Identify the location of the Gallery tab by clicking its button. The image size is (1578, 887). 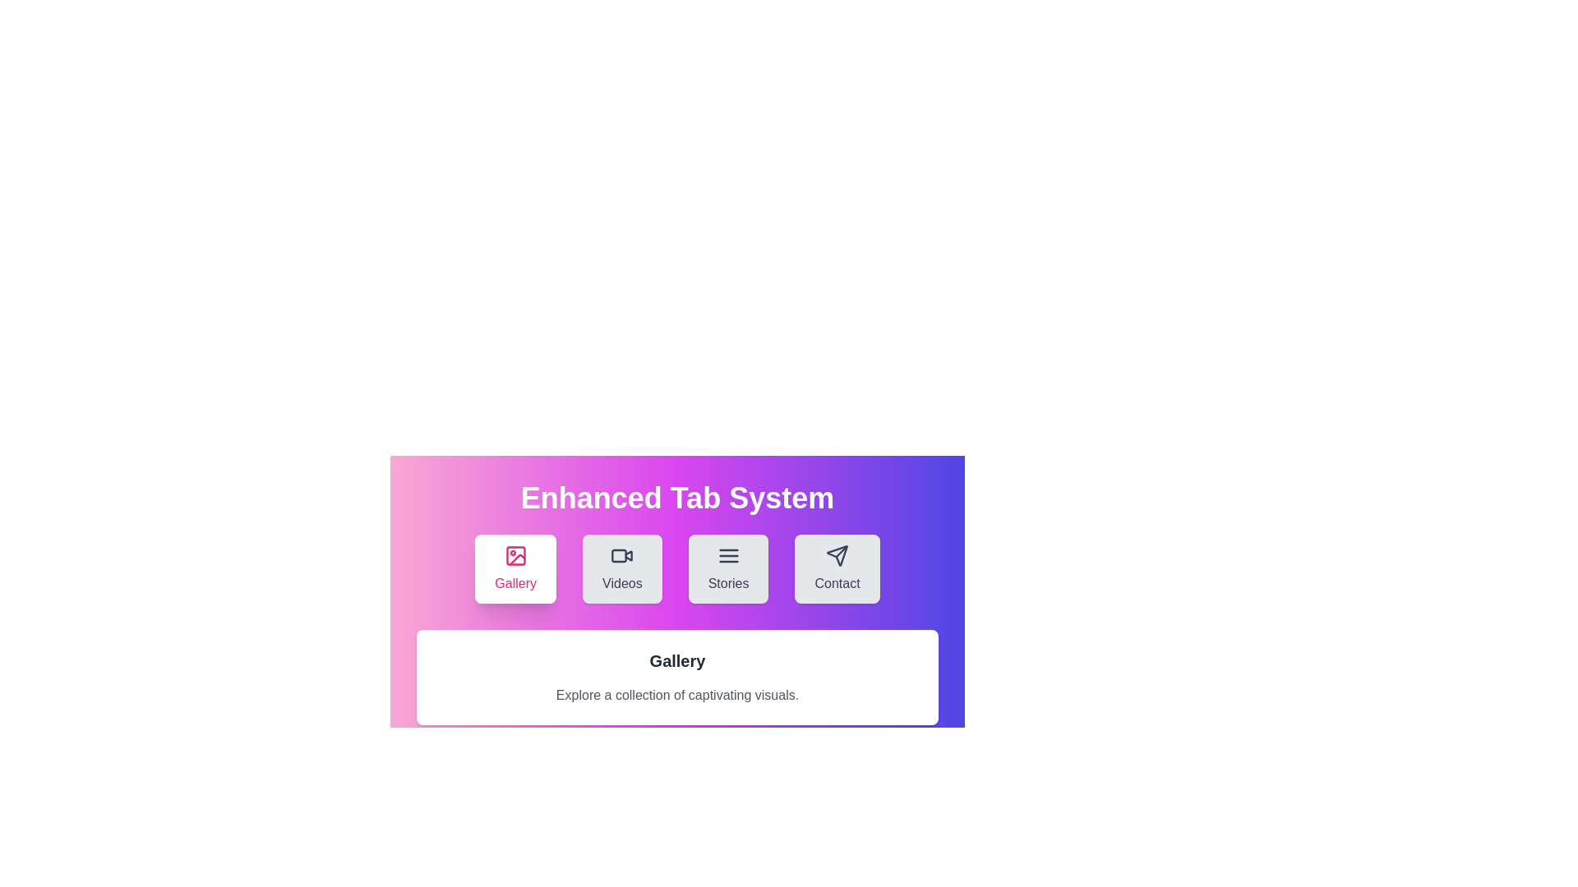
(514, 568).